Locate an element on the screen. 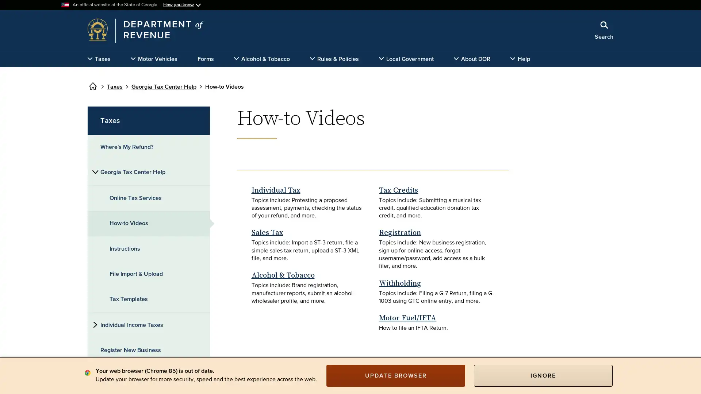  Side subnavigation toggle for 'Individual Income Taxes' is located at coordinates (95, 325).